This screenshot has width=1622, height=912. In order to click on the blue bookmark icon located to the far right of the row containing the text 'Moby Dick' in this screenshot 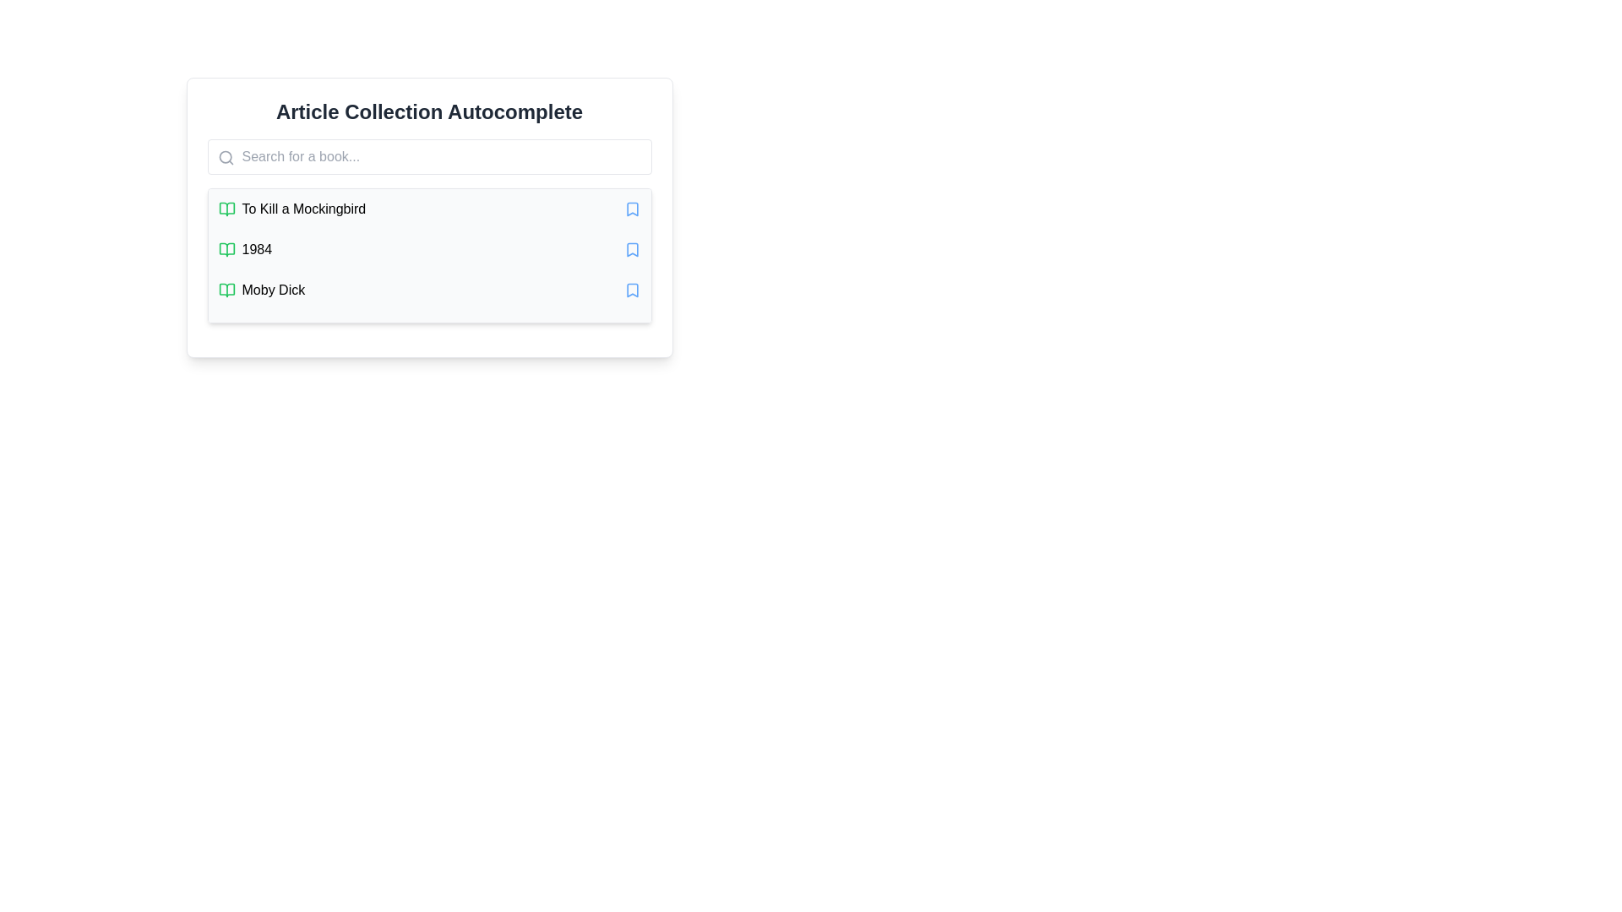, I will do `click(631, 289)`.